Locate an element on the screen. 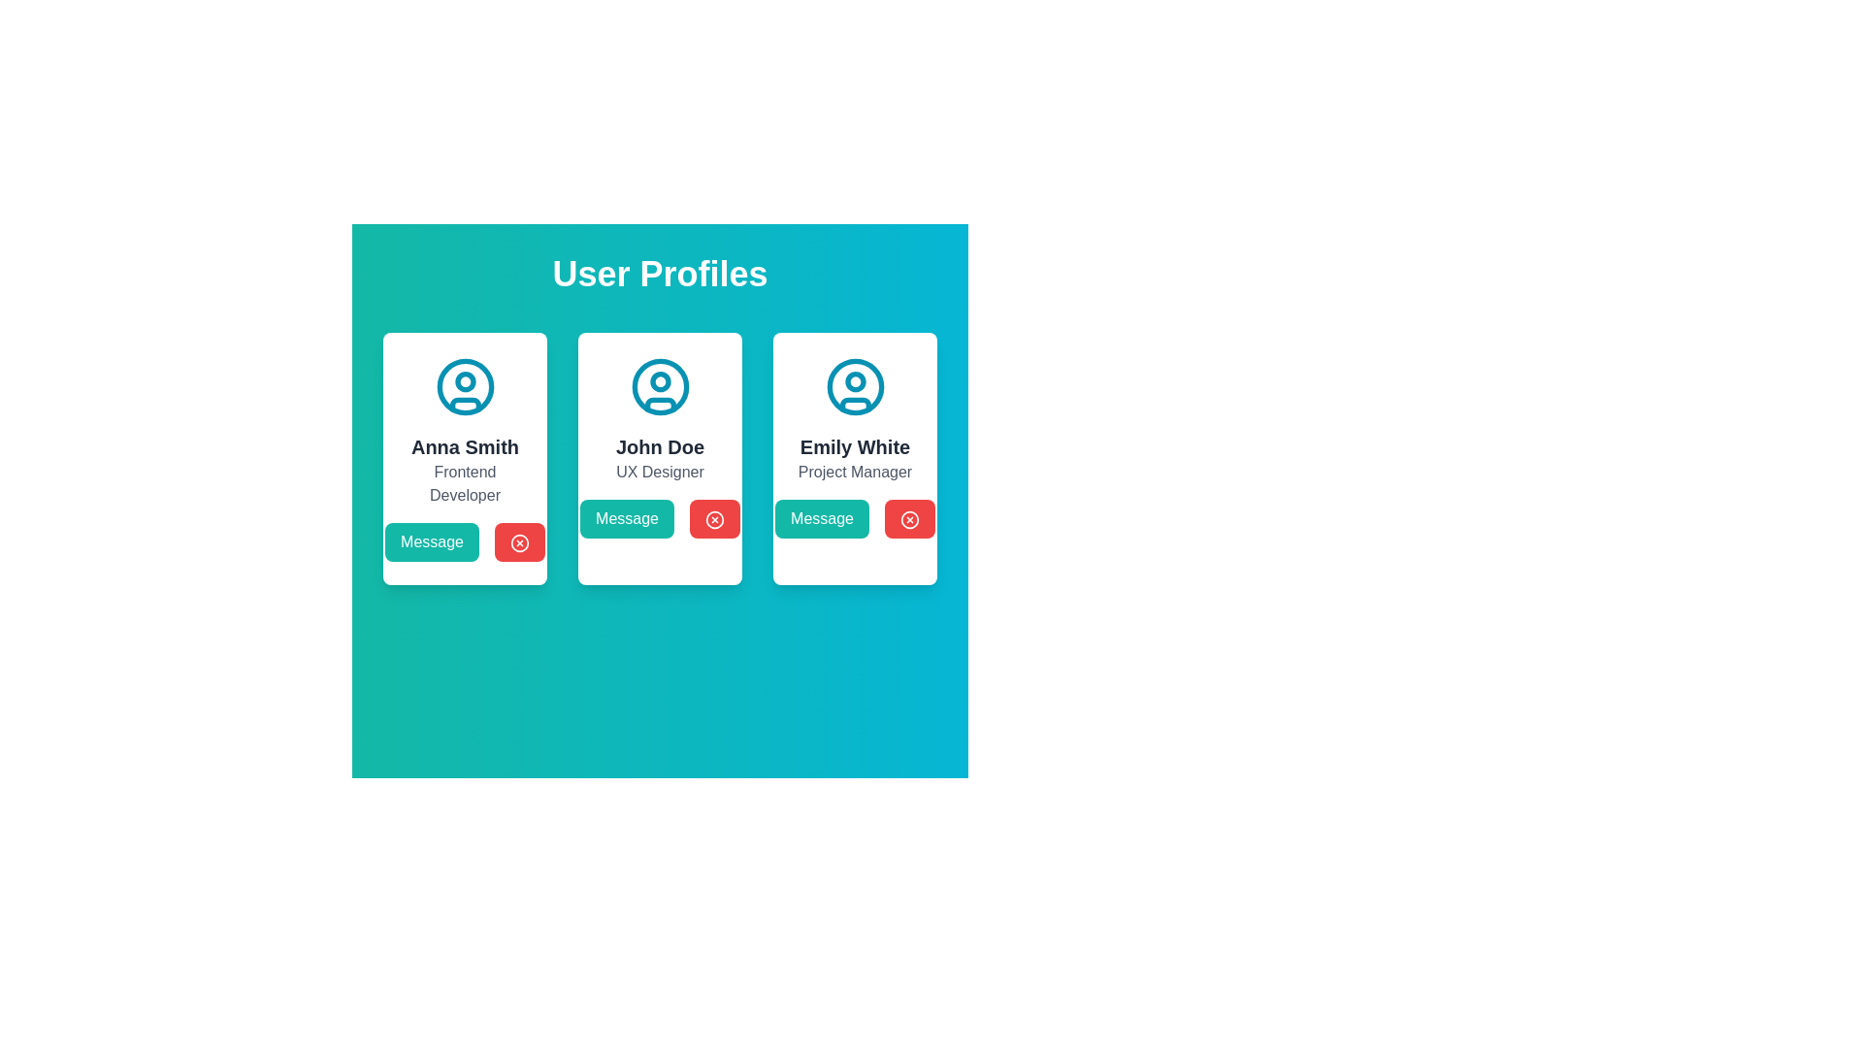 This screenshot has height=1048, width=1863. the small circular head component of Emily White's avatar in the third profile card of the 'User Profiles' section is located at coordinates (854, 381).